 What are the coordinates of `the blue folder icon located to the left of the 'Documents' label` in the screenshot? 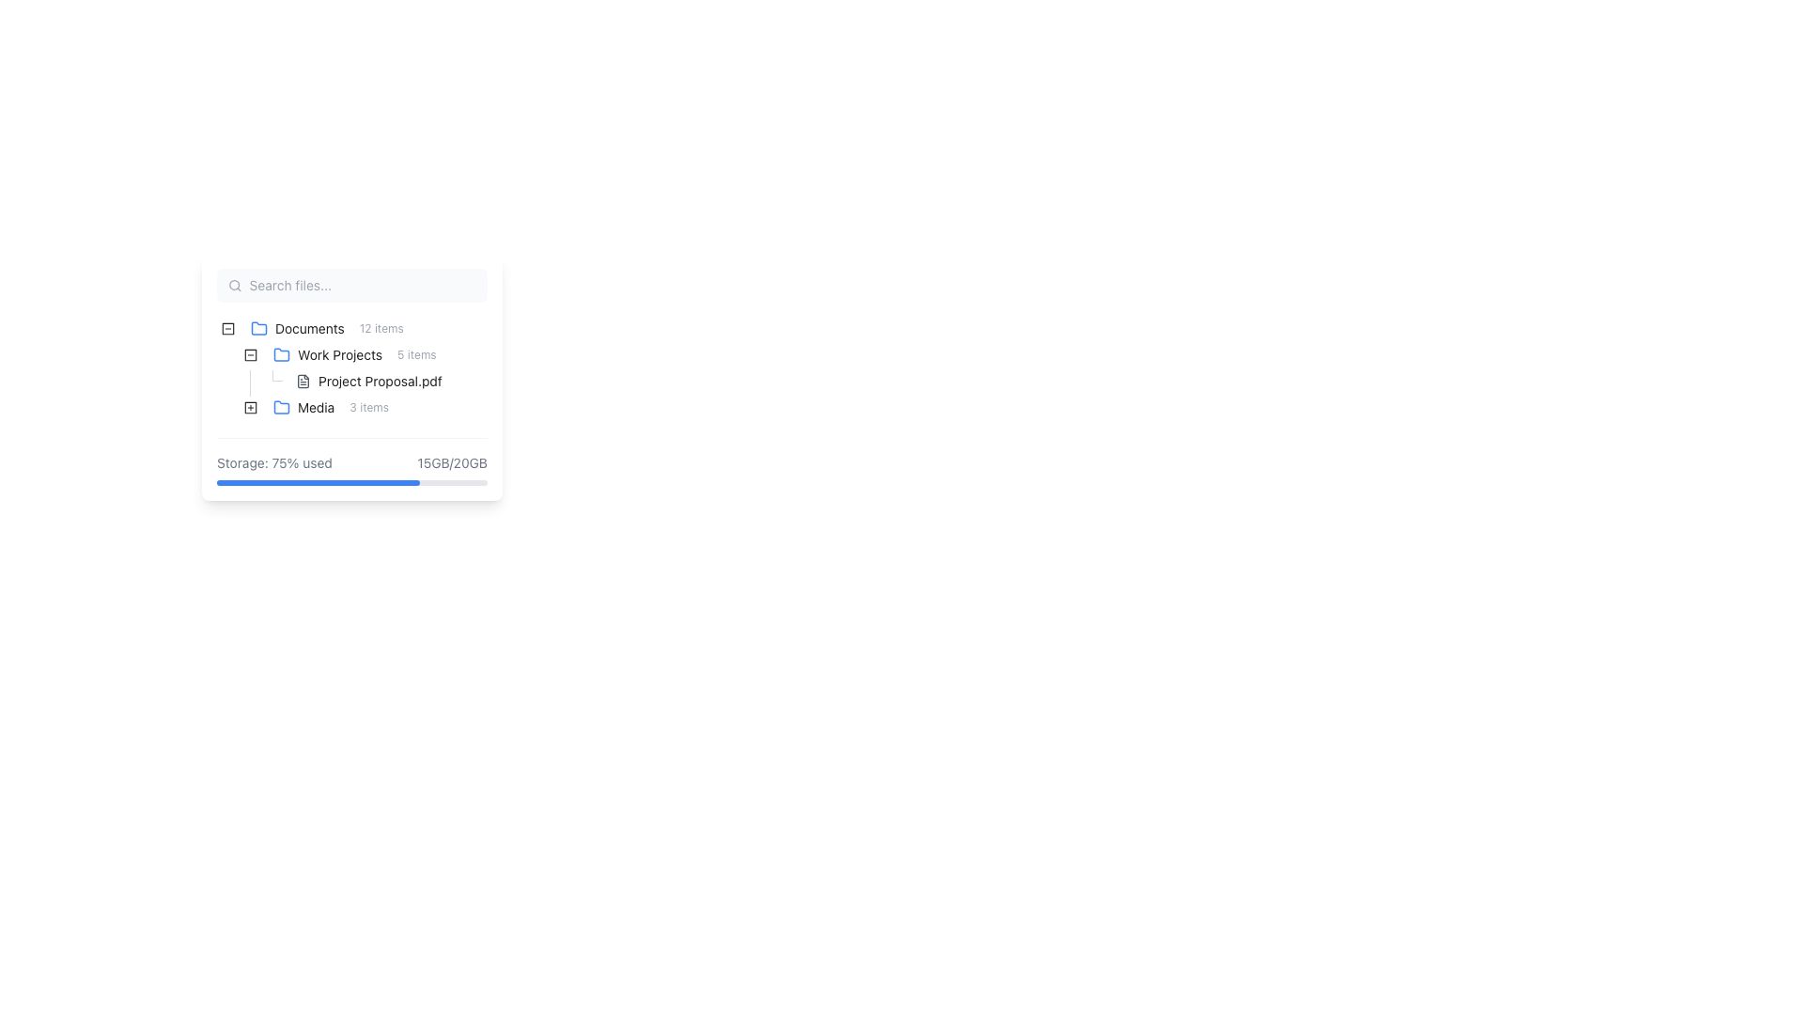 It's located at (257, 328).